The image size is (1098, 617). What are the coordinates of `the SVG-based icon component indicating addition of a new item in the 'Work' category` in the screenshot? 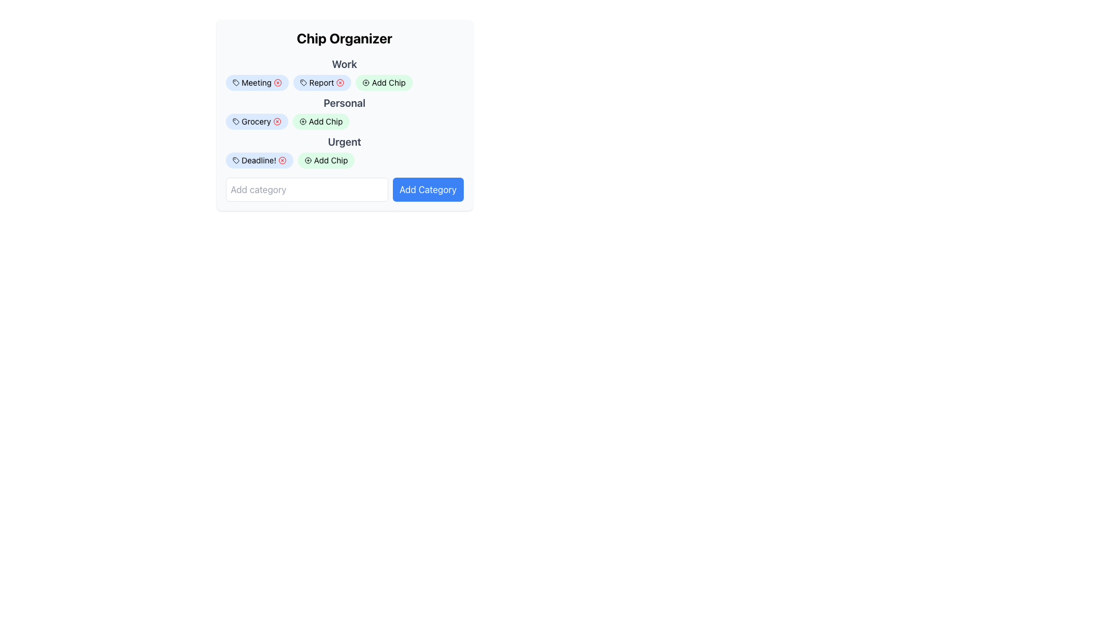 It's located at (308, 161).